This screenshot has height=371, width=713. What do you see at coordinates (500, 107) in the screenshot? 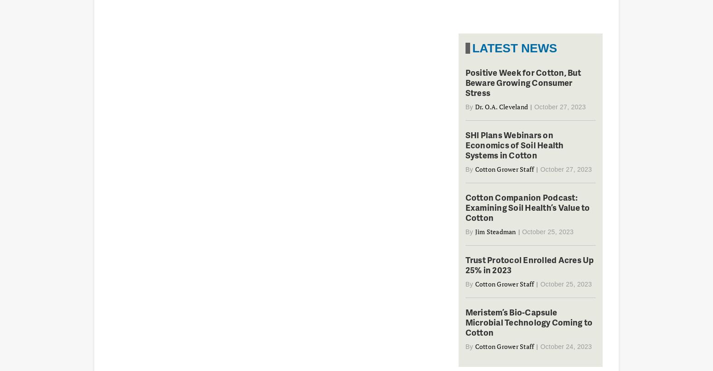
I see `'Dr. O.A. Cleveland'` at bounding box center [500, 107].